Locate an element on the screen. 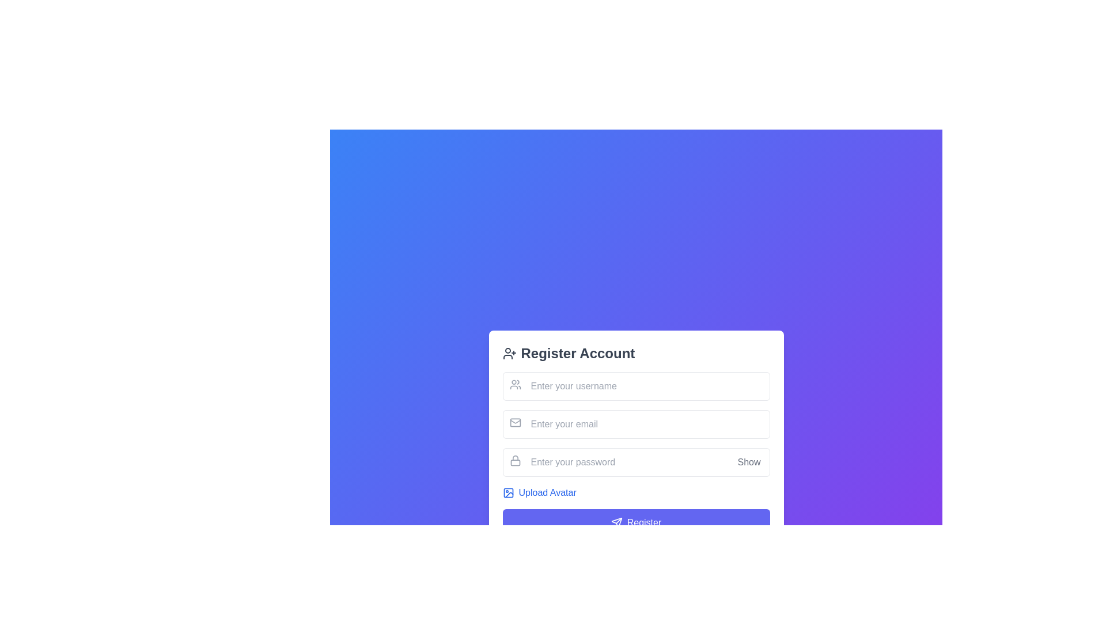 Image resolution: width=1106 pixels, height=622 pixels. rectangle element styled as an image placeholder located at the top-left corner of the registration form, near the 'Register Account' title, using developer tools is located at coordinates (507, 492).